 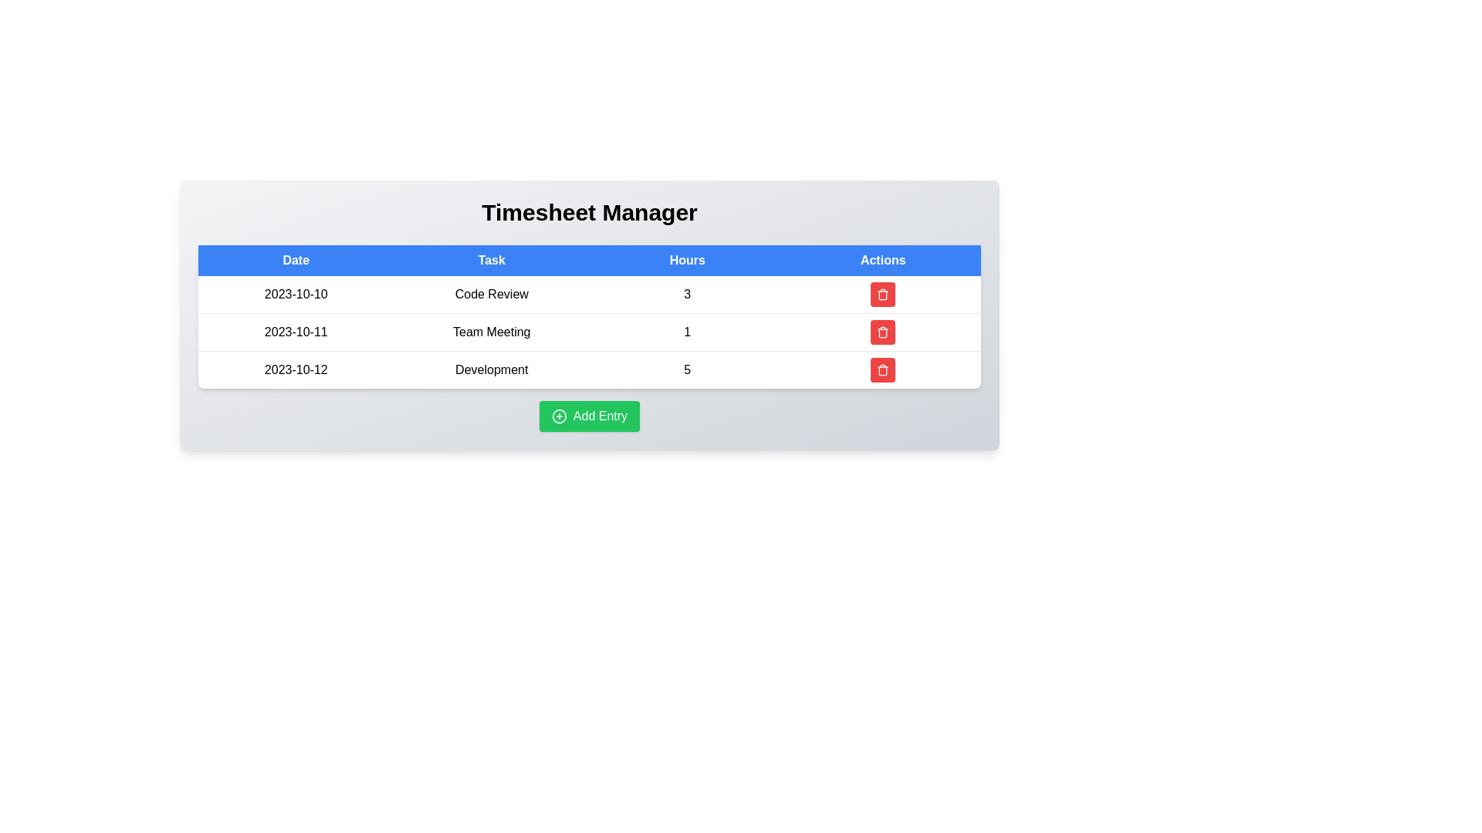 What do you see at coordinates (883, 369) in the screenshot?
I see `the red button with a white trash bin icon located in the last row of the tabular layout under the 'Actions' column to change its background color` at bounding box center [883, 369].